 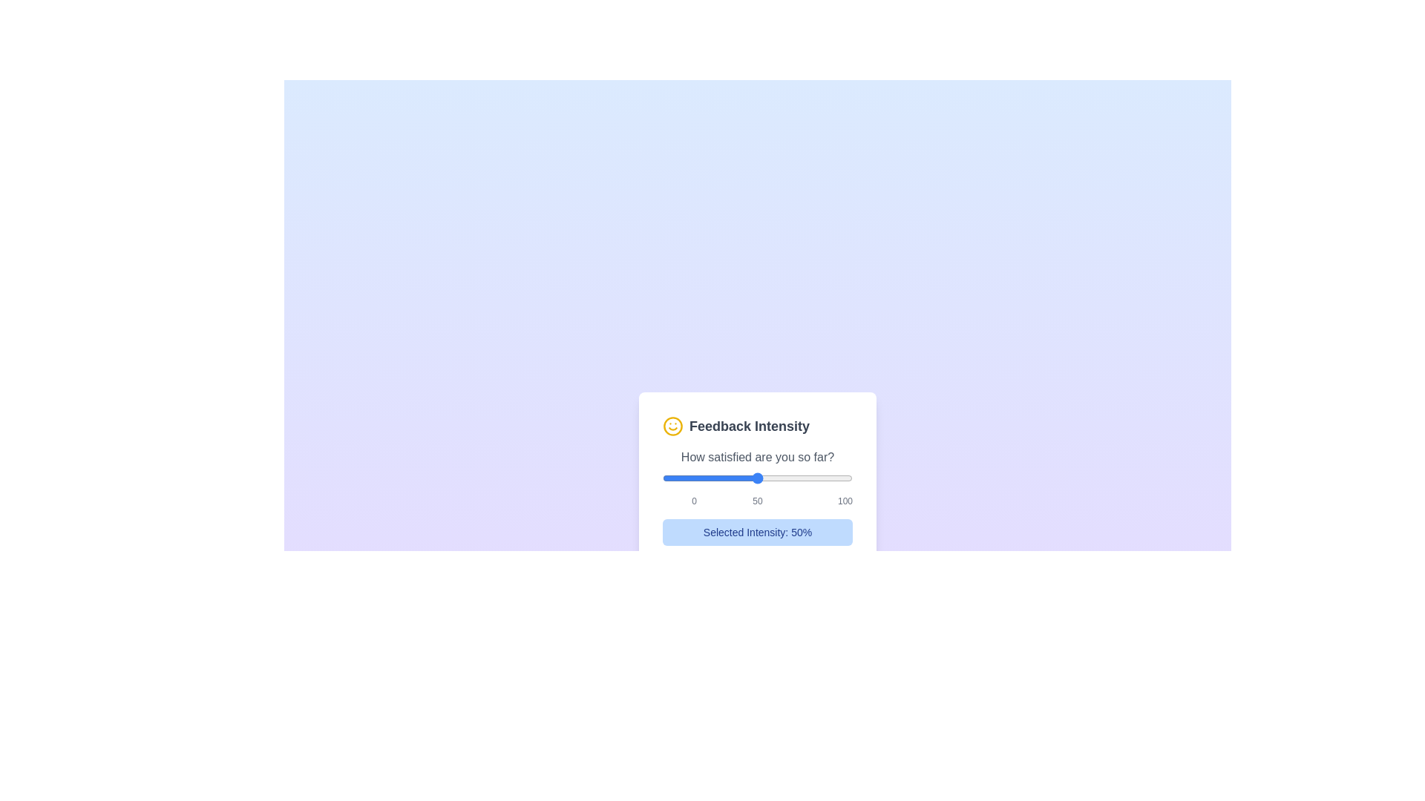 I want to click on the slider to set the satisfaction value to 84, so click(x=822, y=478).